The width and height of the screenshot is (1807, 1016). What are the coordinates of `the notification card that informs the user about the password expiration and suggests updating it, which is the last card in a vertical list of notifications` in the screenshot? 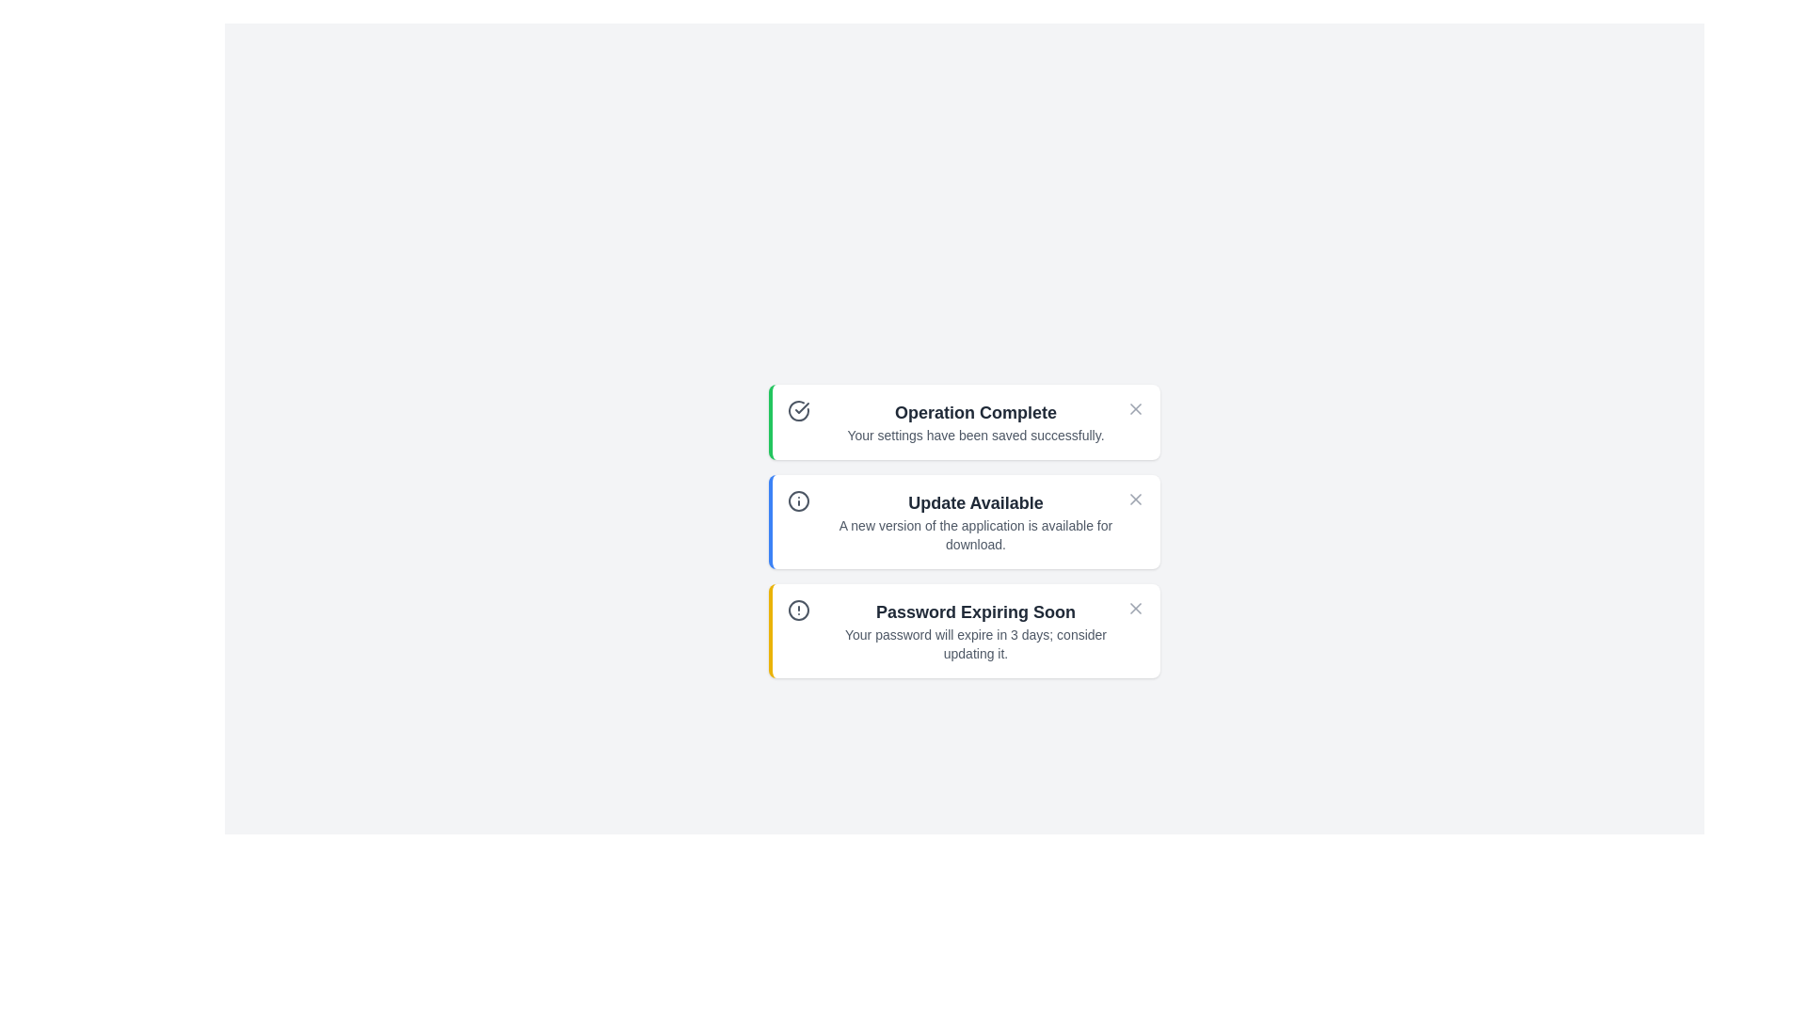 It's located at (975, 631).